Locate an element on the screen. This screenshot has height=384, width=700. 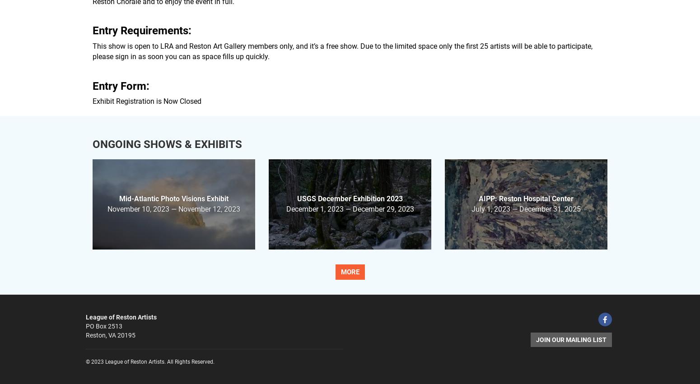
'Entry Form:' is located at coordinates (121, 85).